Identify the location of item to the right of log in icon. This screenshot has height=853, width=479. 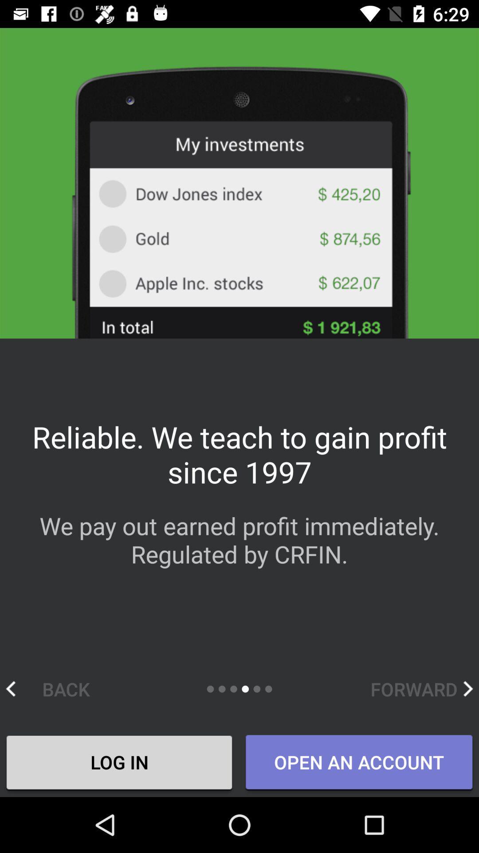
(358, 762).